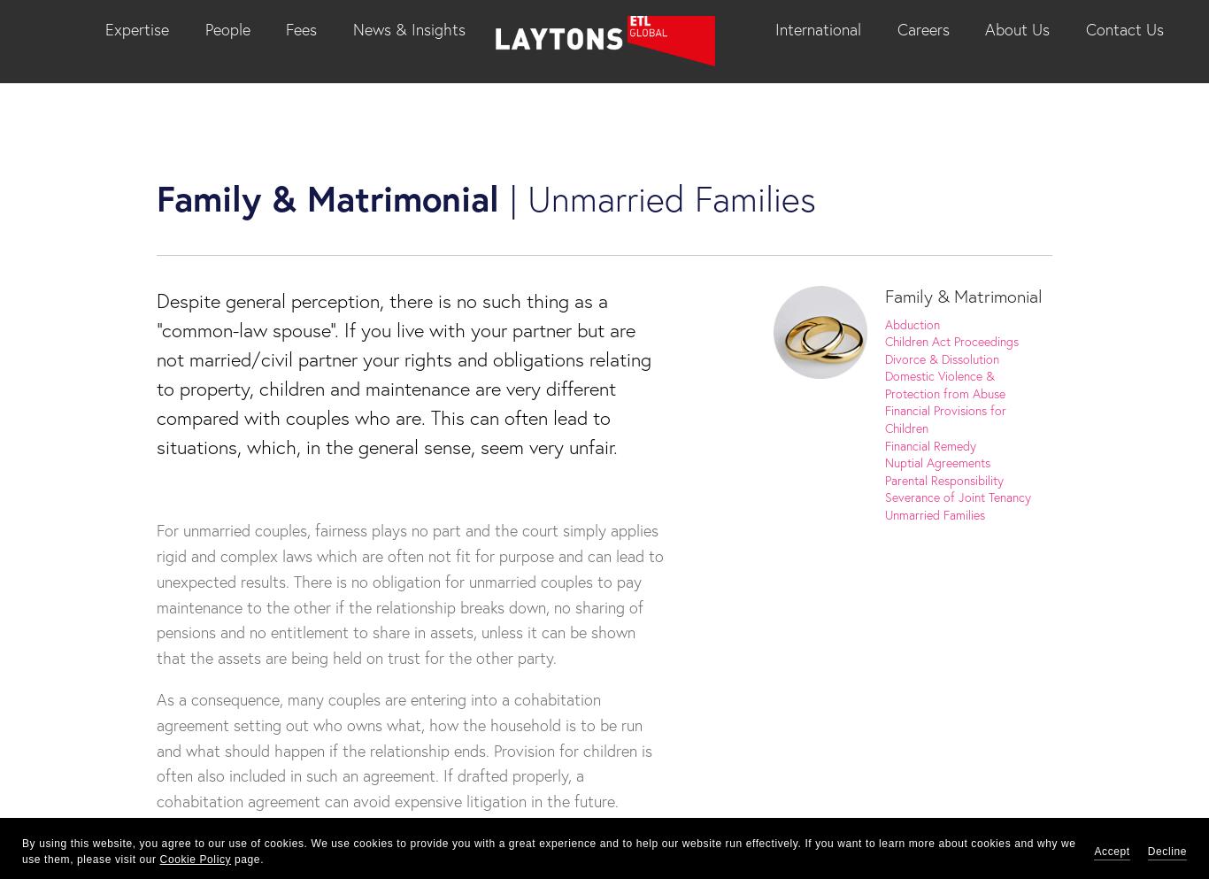 The width and height of the screenshot is (1209, 879). What do you see at coordinates (156, 593) in the screenshot?
I see `'For unmarried couples, fairness plays no part and the court simply applies rigid and complex laws which are often not fit for purpose and can lead to unexpected results. There is no obligation for unmarried couples to pay maintenance to the other if the relationship breaks down, no sharing of pensions and no entitlement to share in assets, unless it can be shown that the assets are being held on trust for the other party.'` at bounding box center [156, 593].